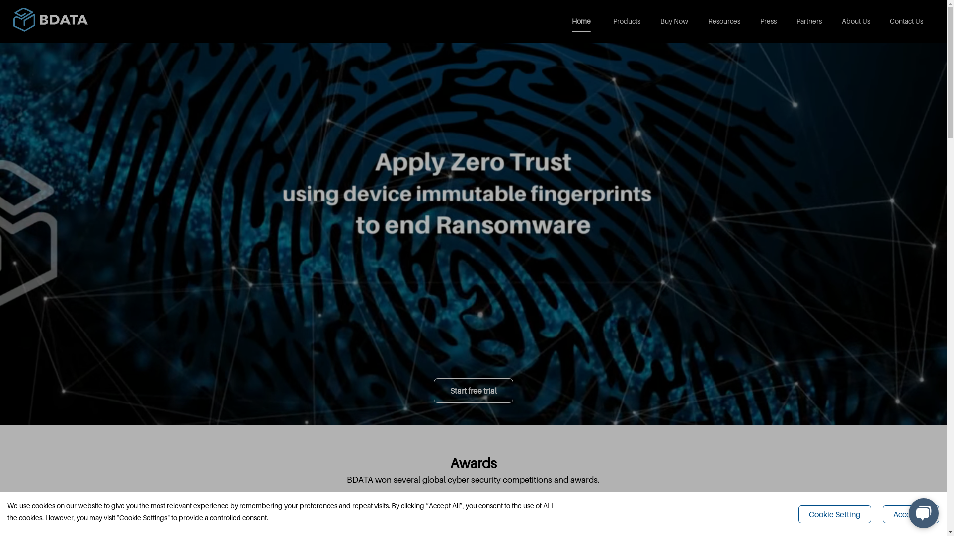  Describe the element at coordinates (768, 21) in the screenshot. I see `'Press'` at that location.